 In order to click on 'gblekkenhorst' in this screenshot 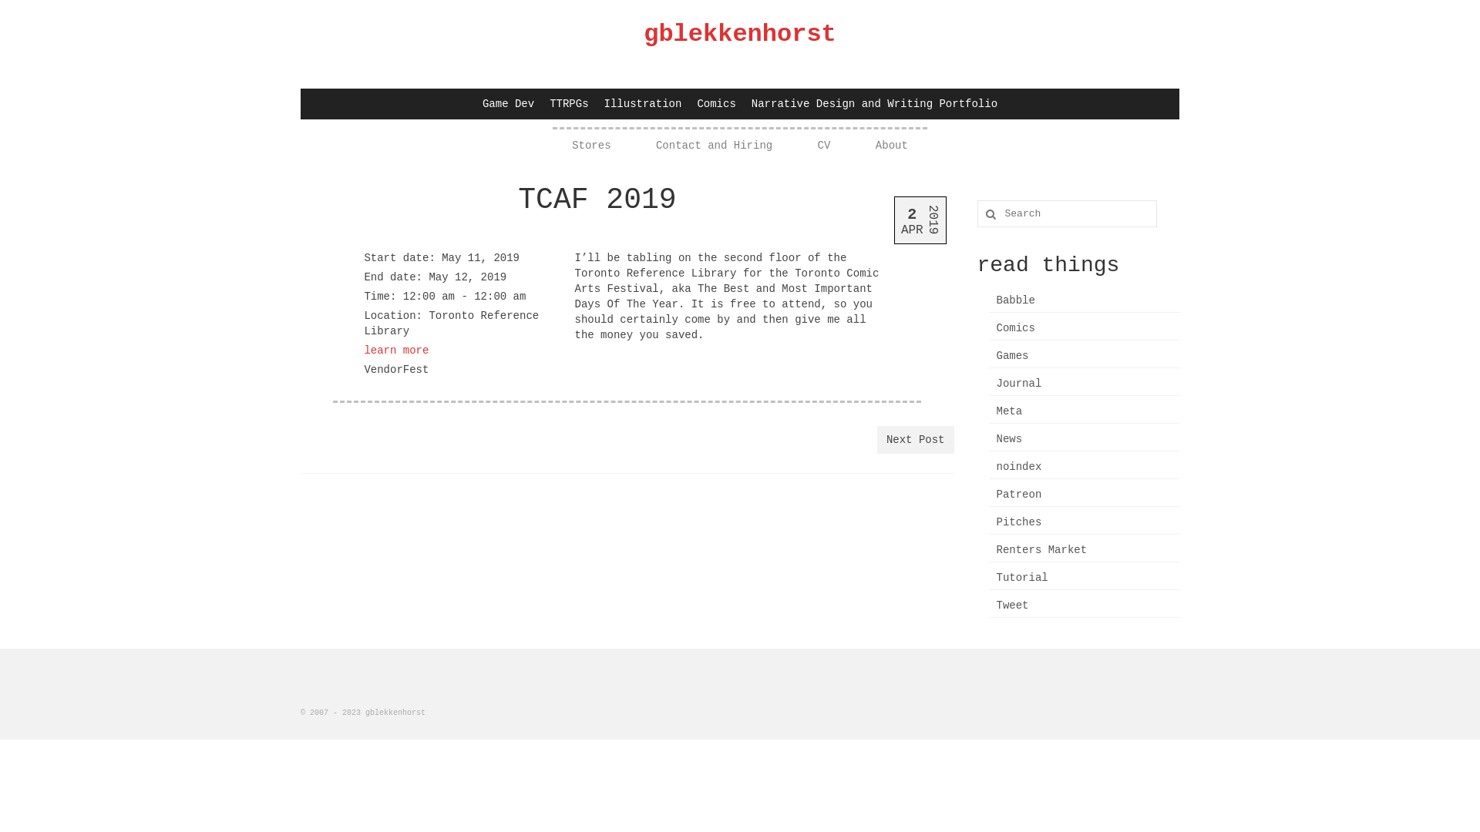, I will do `click(740, 34)`.